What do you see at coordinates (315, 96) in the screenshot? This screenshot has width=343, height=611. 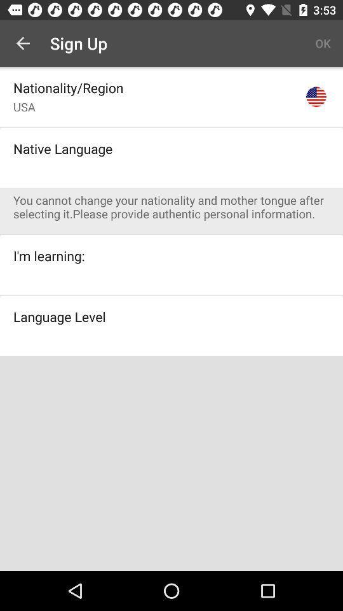 I see `the item below the ok icon` at bounding box center [315, 96].